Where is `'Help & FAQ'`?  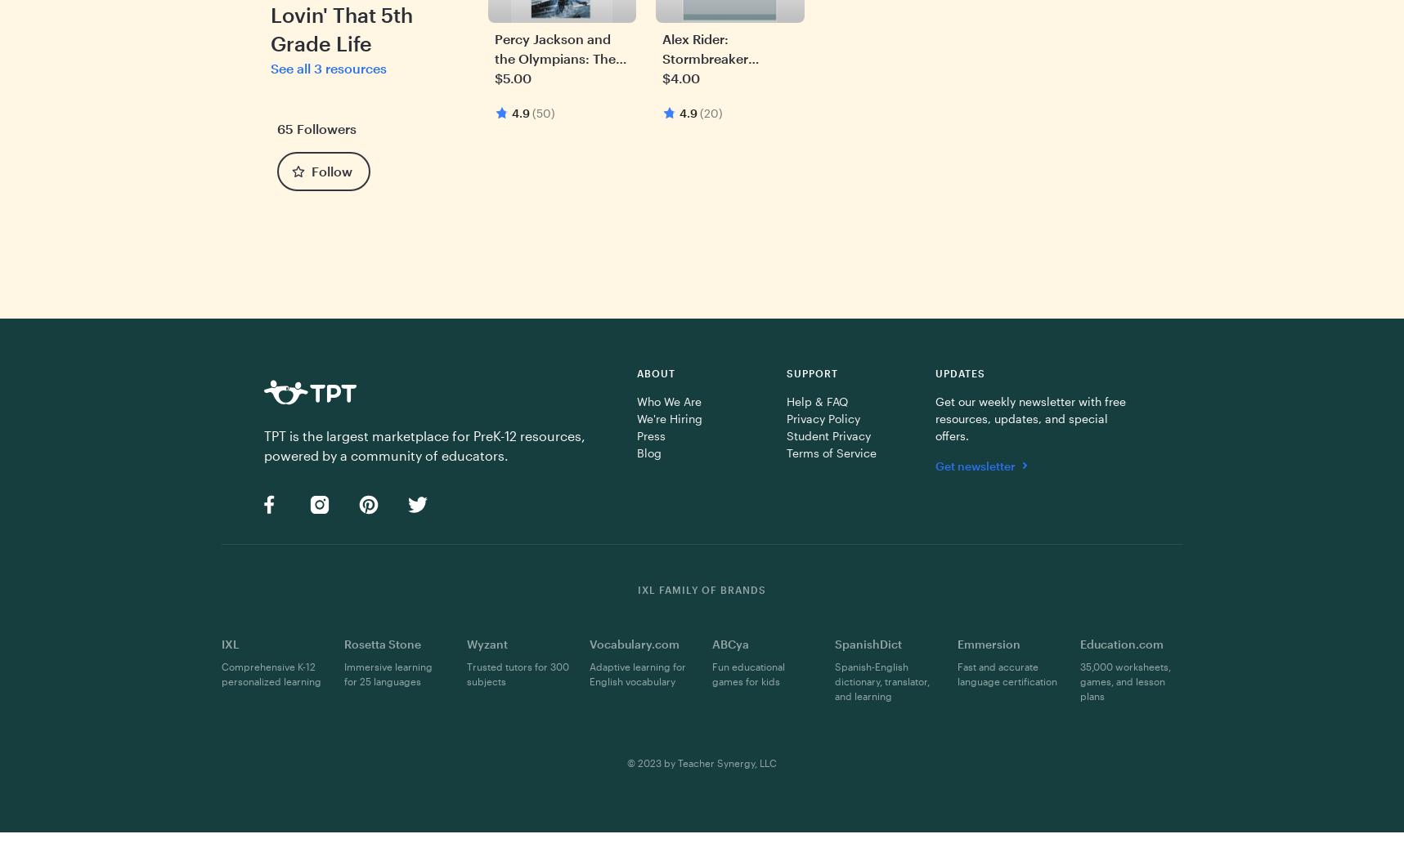
'Help & FAQ' is located at coordinates (815, 399).